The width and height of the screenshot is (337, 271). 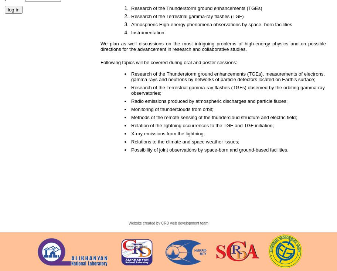 What do you see at coordinates (187, 16) in the screenshot?
I see `'Research of the Terrestrial gamma-ray flashes (TGF)'` at bounding box center [187, 16].